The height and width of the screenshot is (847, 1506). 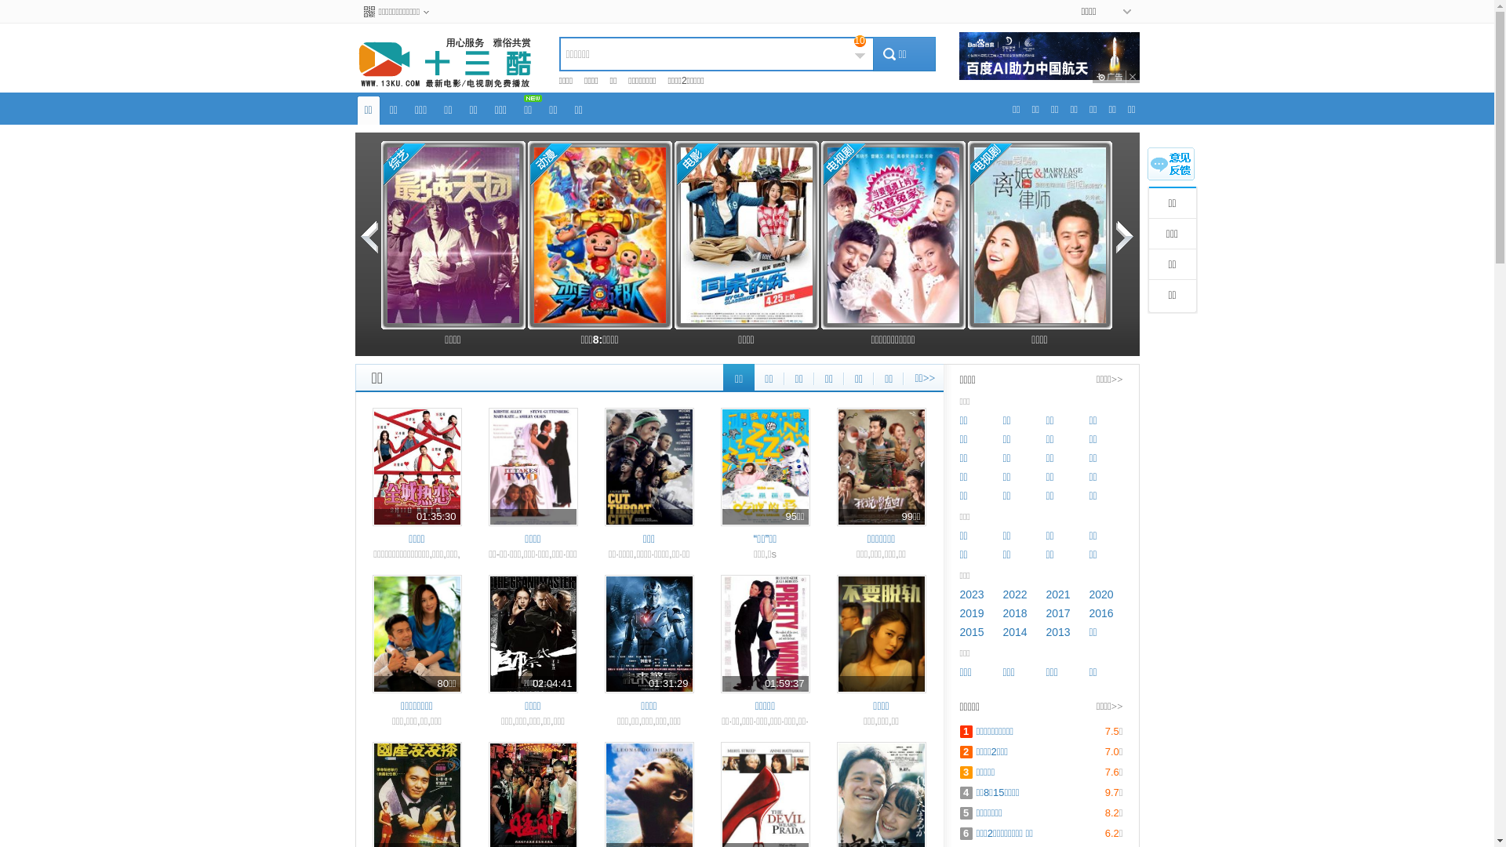 What do you see at coordinates (1058, 631) in the screenshot?
I see `'2013'` at bounding box center [1058, 631].